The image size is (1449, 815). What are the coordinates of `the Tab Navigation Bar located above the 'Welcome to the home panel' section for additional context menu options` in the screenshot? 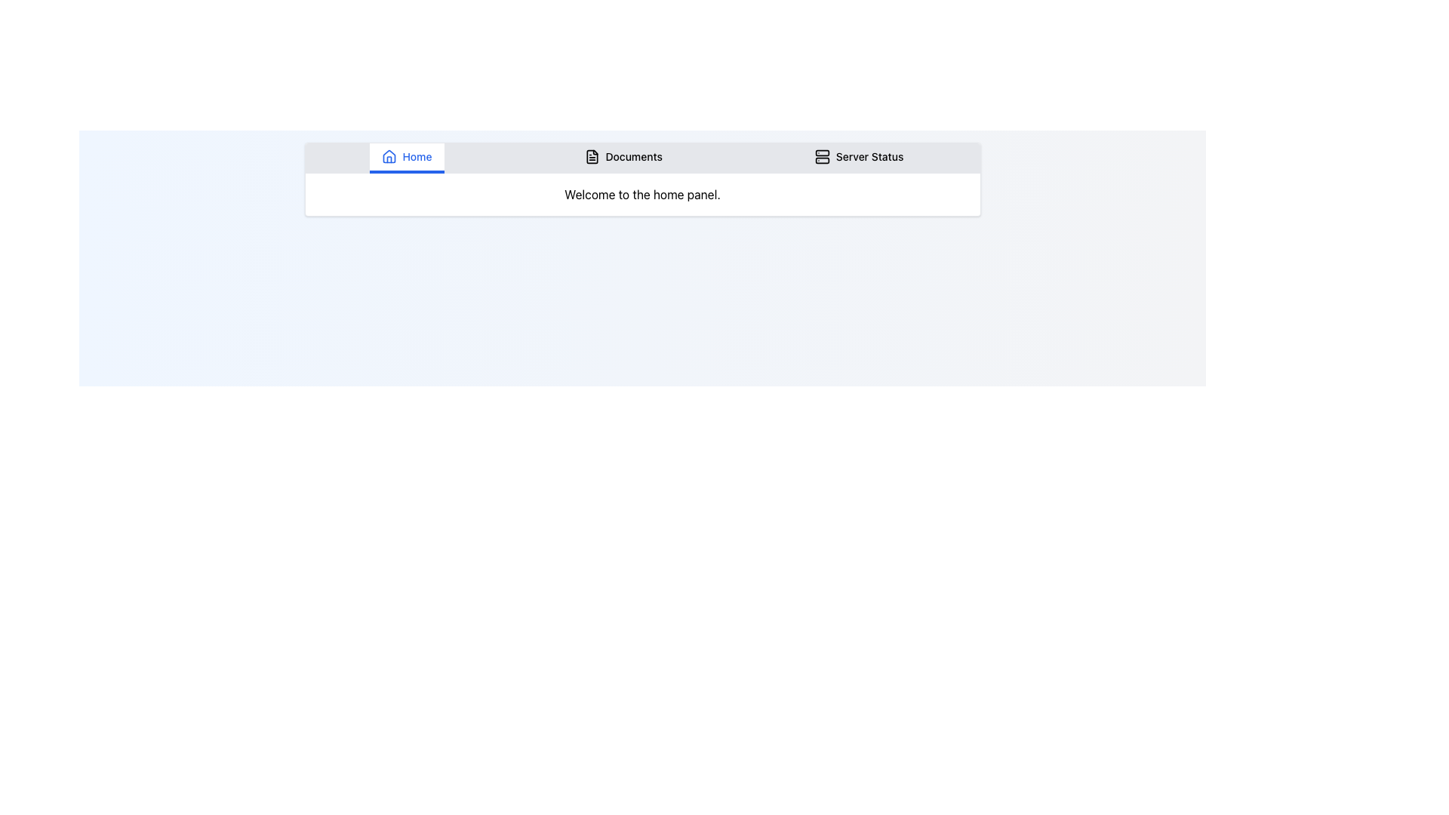 It's located at (642, 158).